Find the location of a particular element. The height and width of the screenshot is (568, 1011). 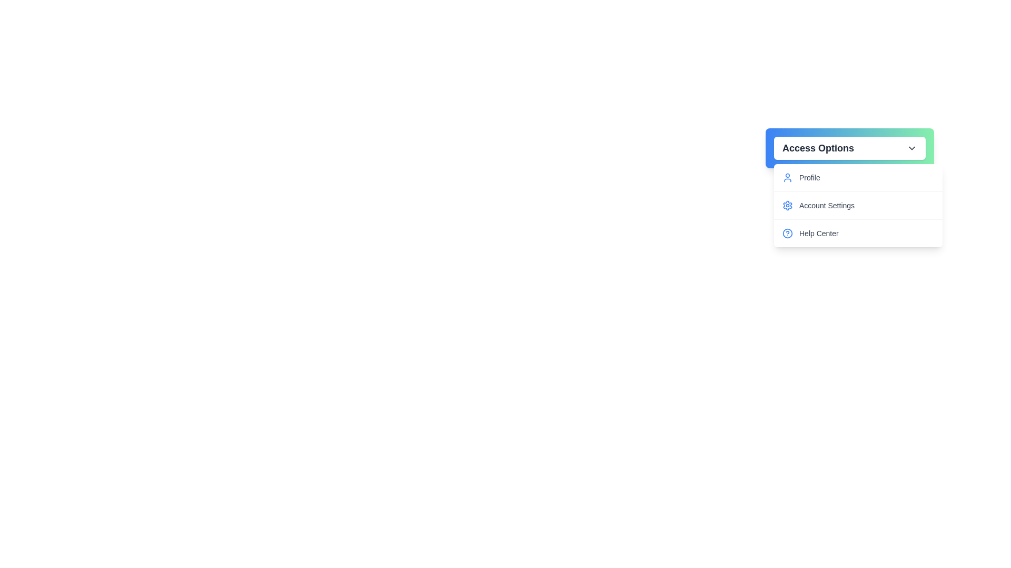

the first item in the 'Access Options' dropdown menu, which is a Text Label directing users to their profile section is located at coordinates (809, 177).